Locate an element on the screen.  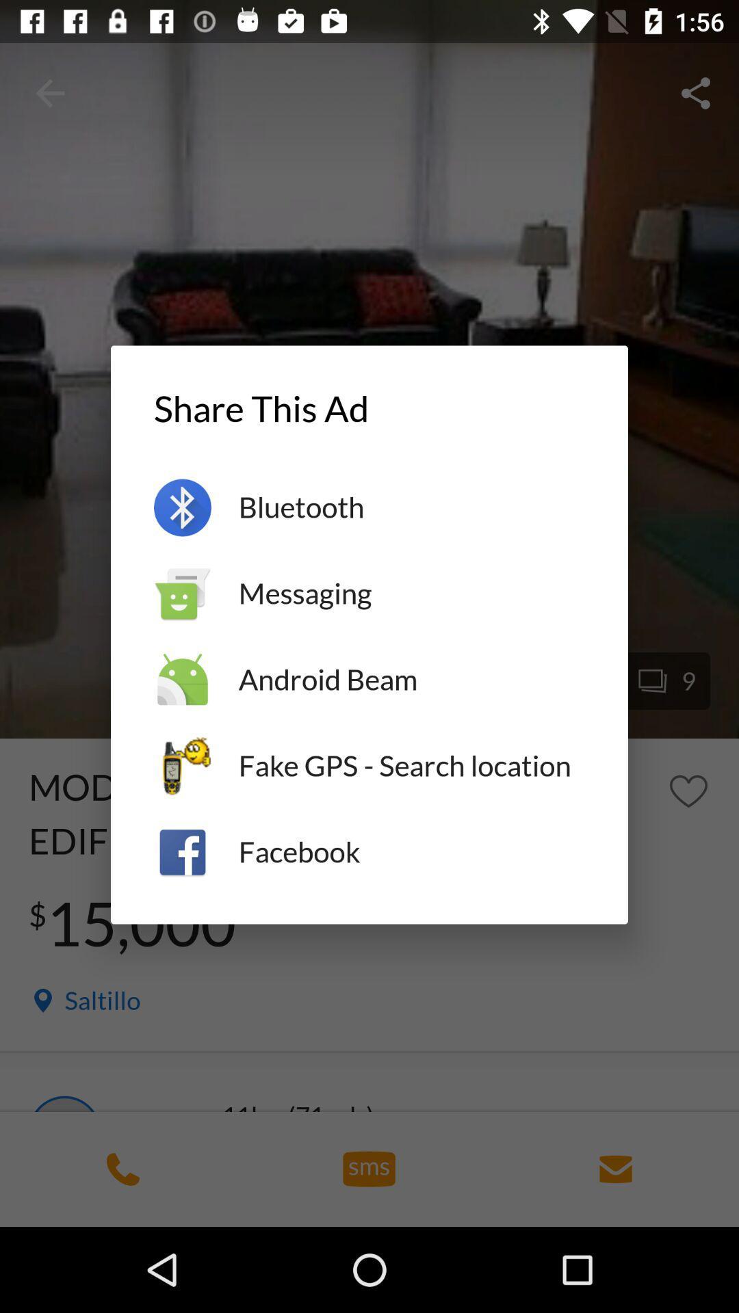
item above fake gps search item is located at coordinates (411, 680).